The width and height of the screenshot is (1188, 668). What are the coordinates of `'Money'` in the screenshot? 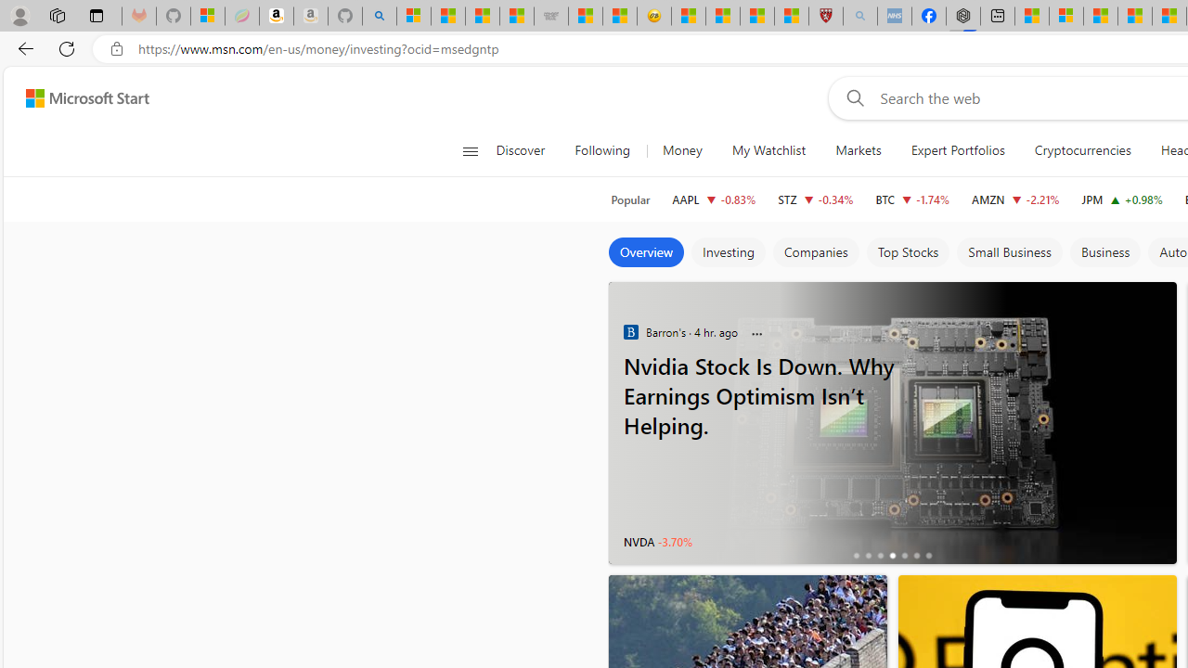 It's located at (680, 150).